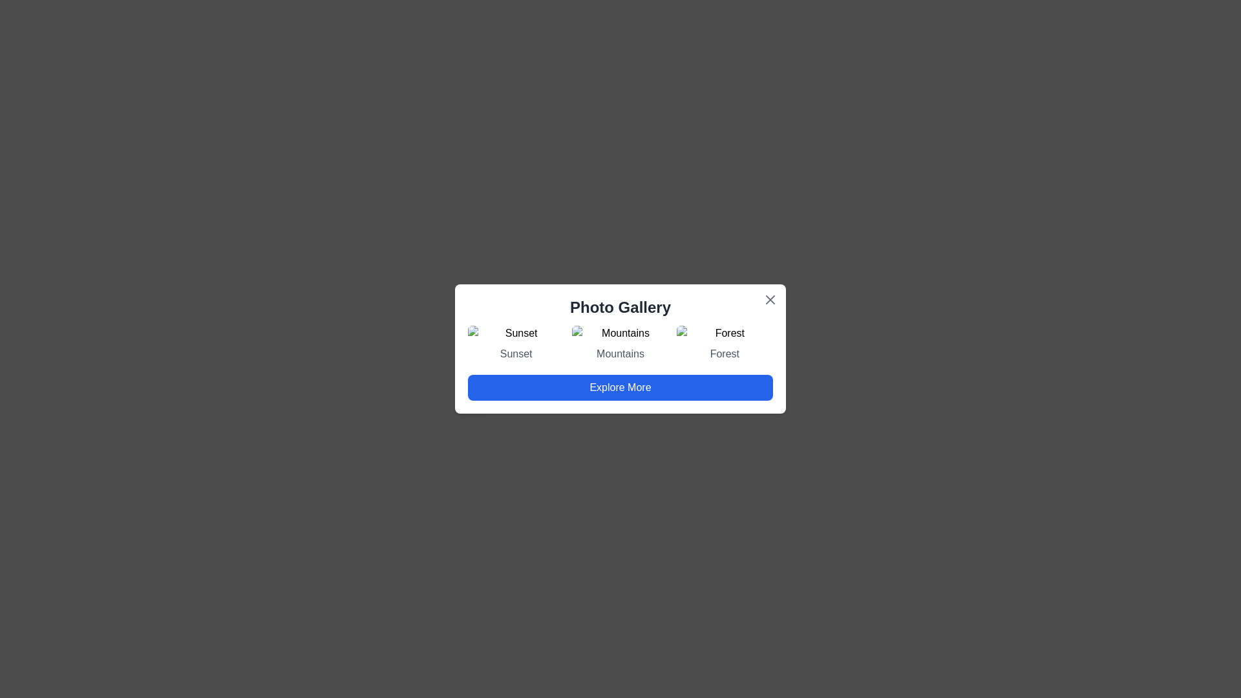 This screenshot has width=1241, height=698. I want to click on 'Explore More' button to interact with the gallery further, so click(620, 387).